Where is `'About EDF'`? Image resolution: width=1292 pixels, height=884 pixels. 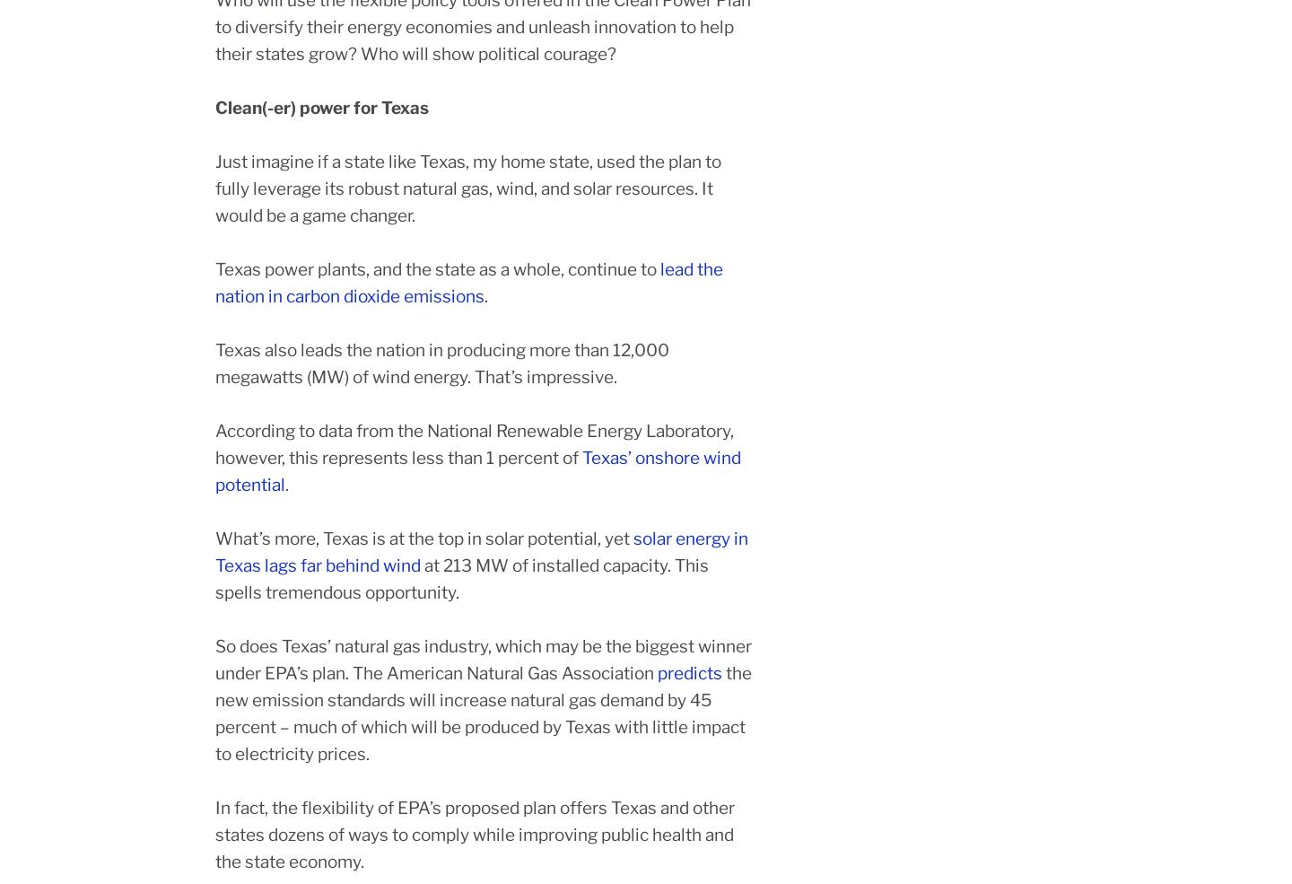
'About EDF' is located at coordinates (519, 633).